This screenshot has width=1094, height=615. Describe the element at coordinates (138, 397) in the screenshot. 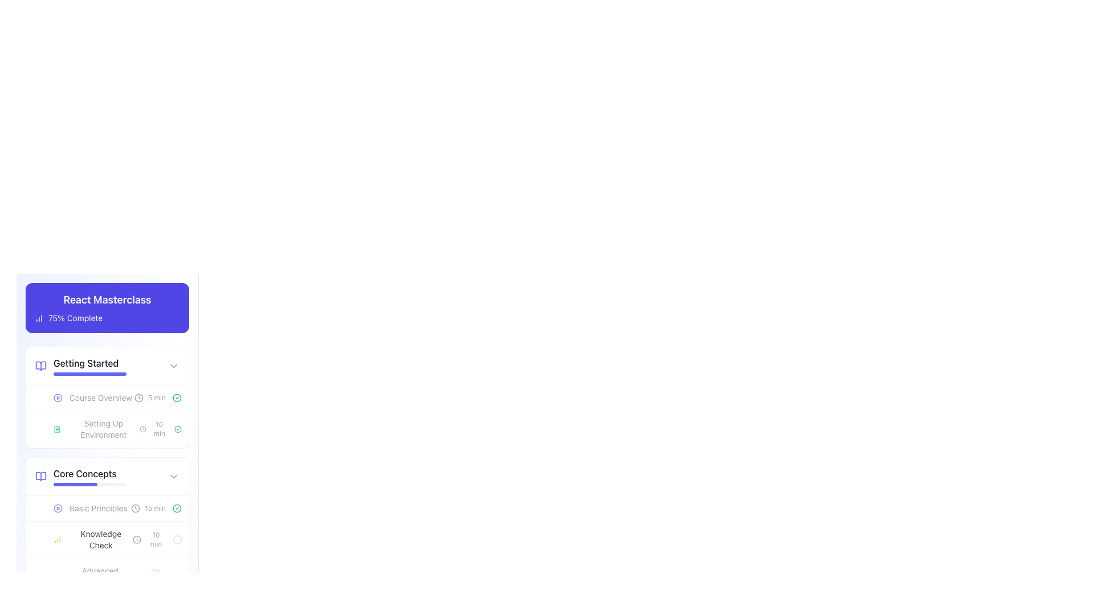

I see `the time indicator icon located in the 'Getting Started' section, which is directly to the left of the text '5 min'` at that location.